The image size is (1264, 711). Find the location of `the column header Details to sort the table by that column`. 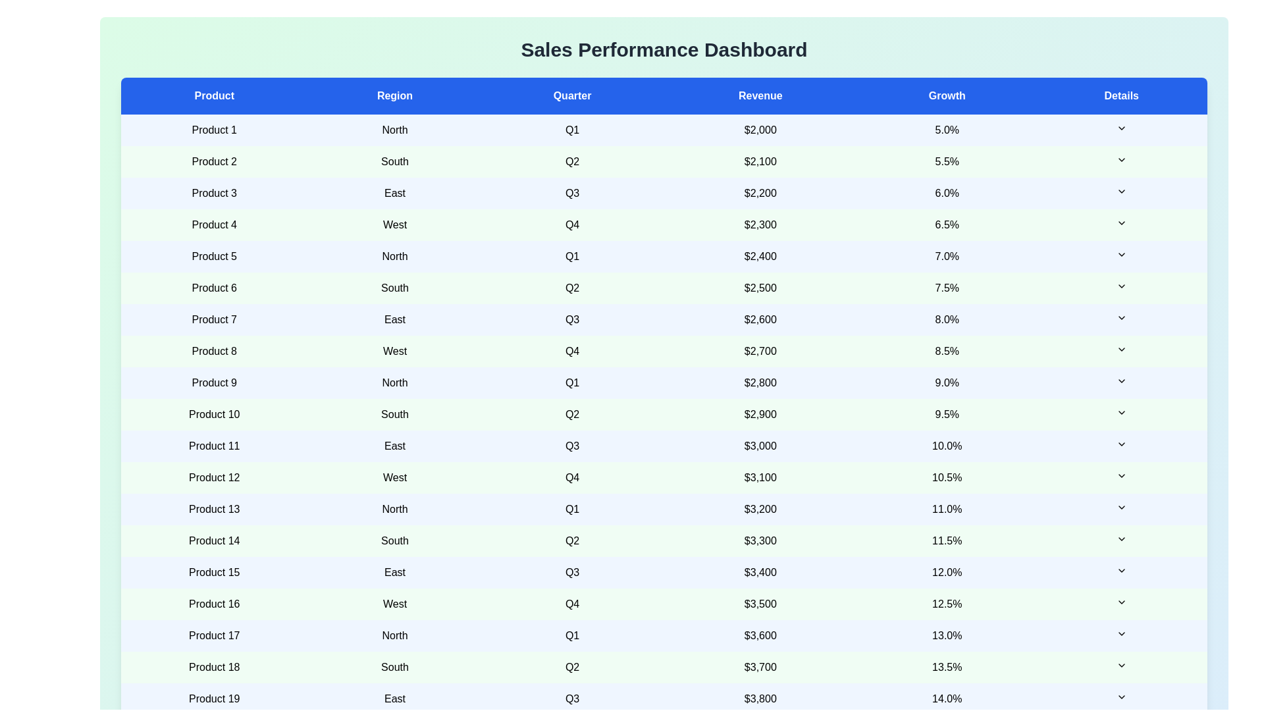

the column header Details to sort the table by that column is located at coordinates (1120, 95).